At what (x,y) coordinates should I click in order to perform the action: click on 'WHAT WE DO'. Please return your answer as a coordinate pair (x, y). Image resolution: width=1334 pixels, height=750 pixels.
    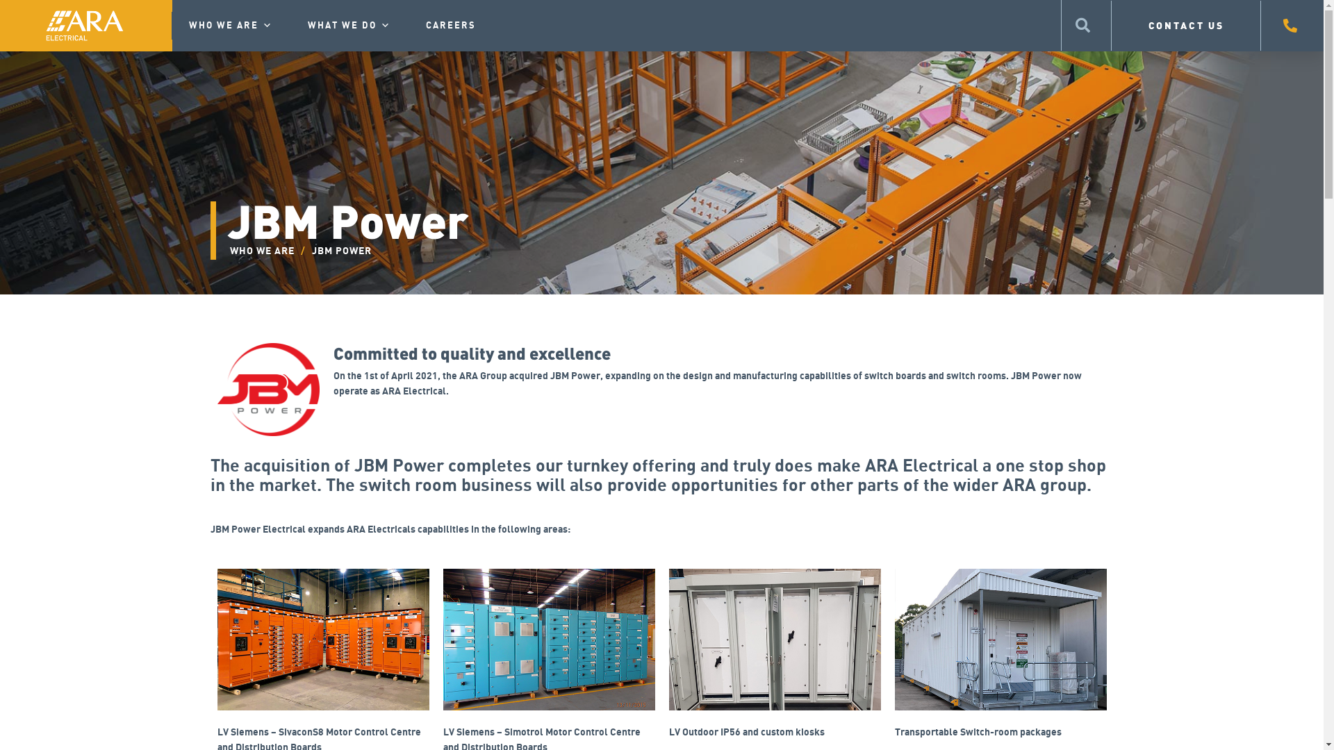
    Looking at the image, I should click on (289, 26).